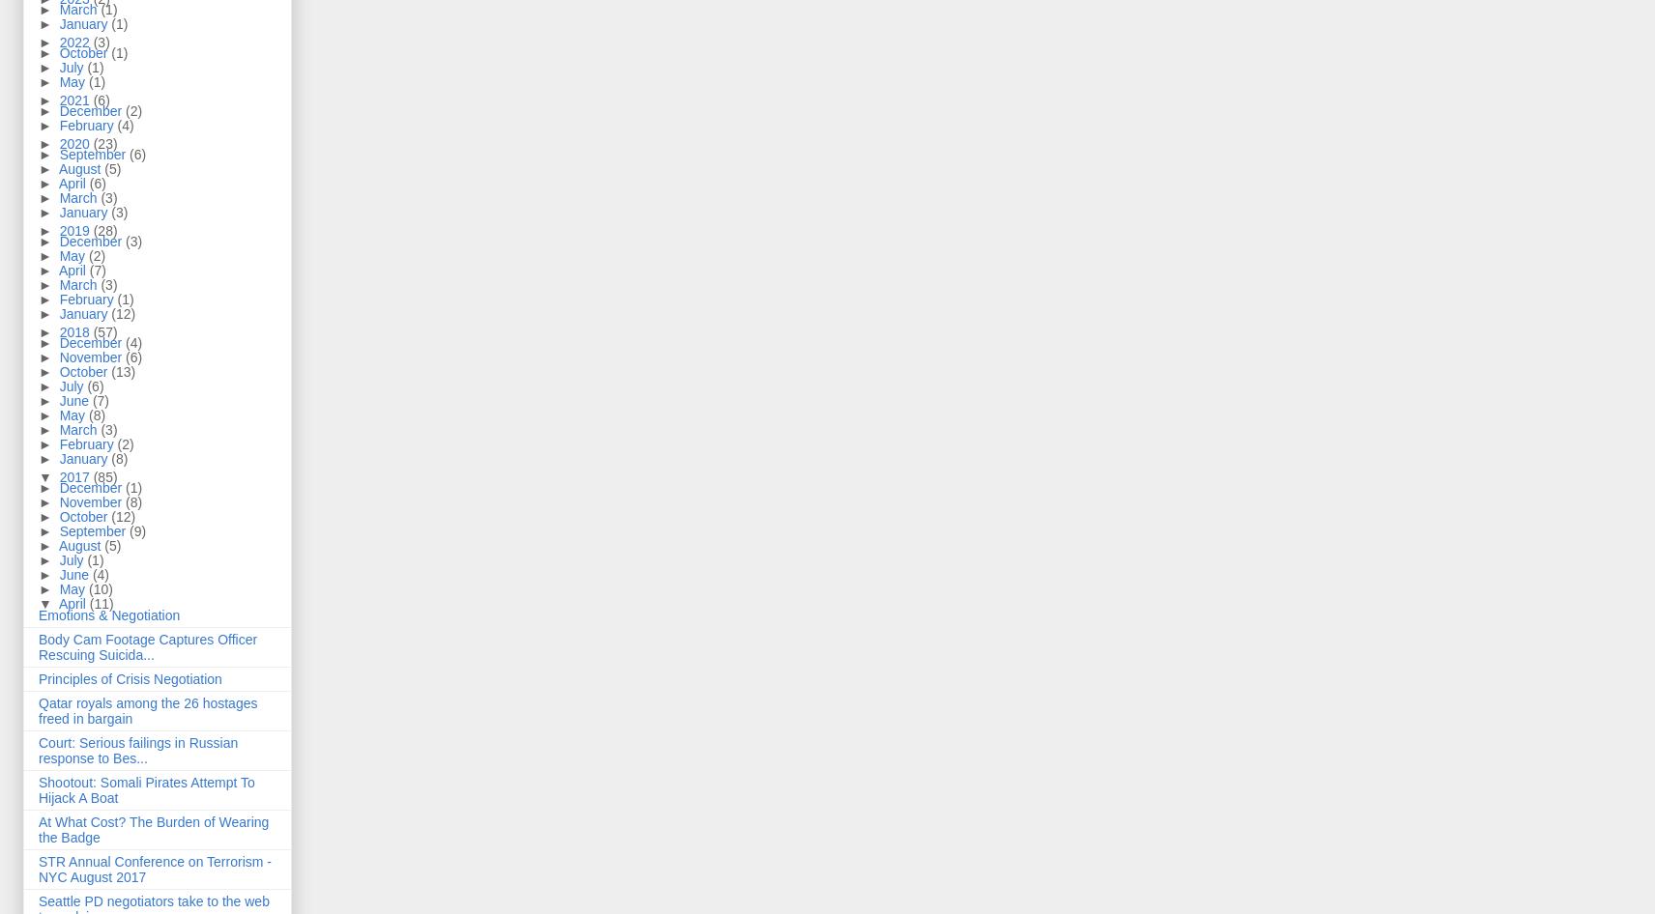  Describe the element at coordinates (147, 709) in the screenshot. I see `'Qatar royals among the 26 hostages freed in bargain'` at that location.